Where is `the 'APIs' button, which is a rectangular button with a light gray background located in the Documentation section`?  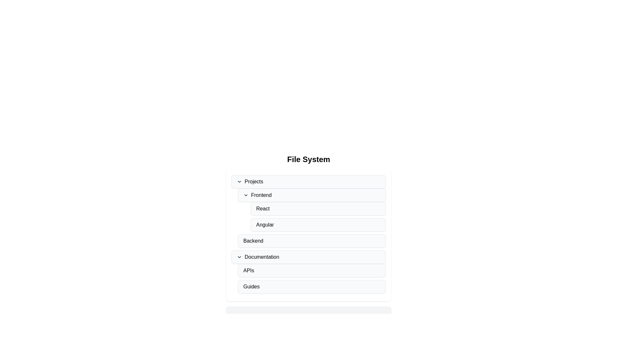 the 'APIs' button, which is a rectangular button with a light gray background located in the Documentation section is located at coordinates (308, 272).